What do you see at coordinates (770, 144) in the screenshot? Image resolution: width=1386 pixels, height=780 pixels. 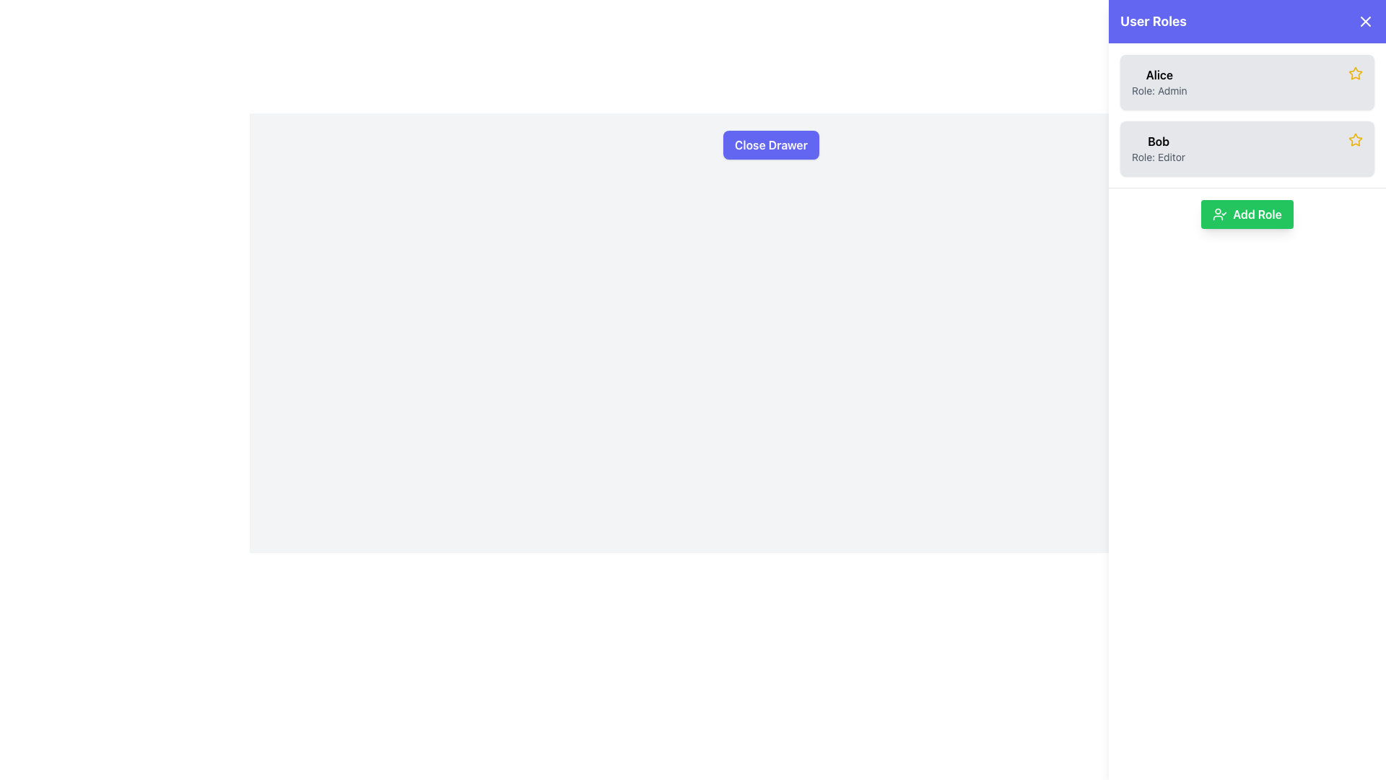 I see `the 'Close Drawer' button, which has a purple background and rounded corners` at bounding box center [770, 144].